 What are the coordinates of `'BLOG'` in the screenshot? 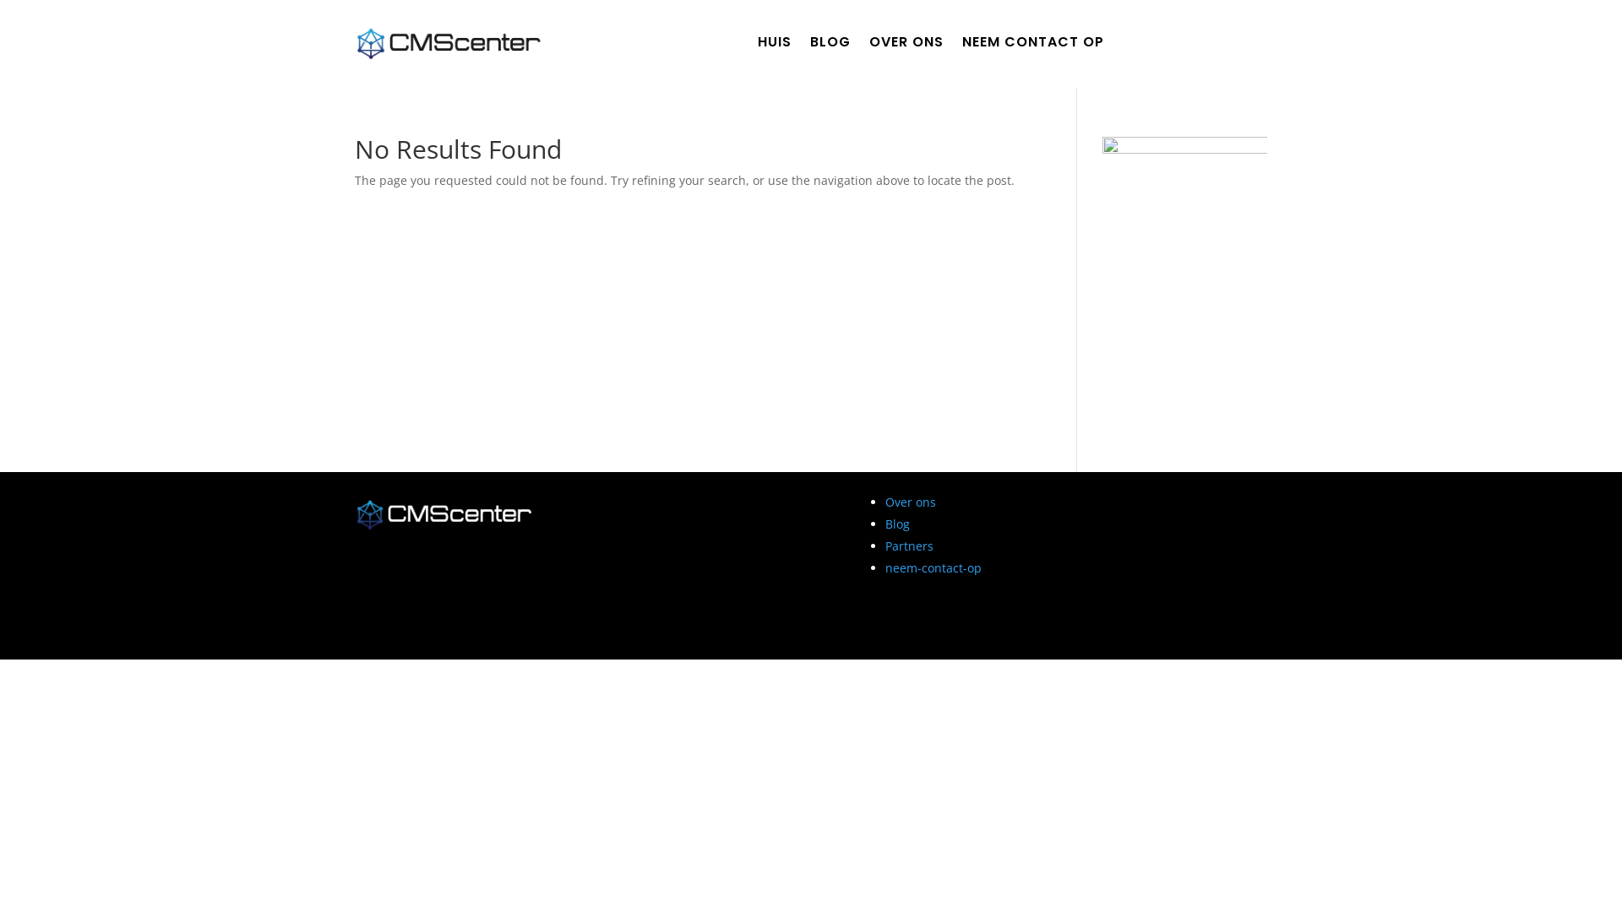 It's located at (809, 45).